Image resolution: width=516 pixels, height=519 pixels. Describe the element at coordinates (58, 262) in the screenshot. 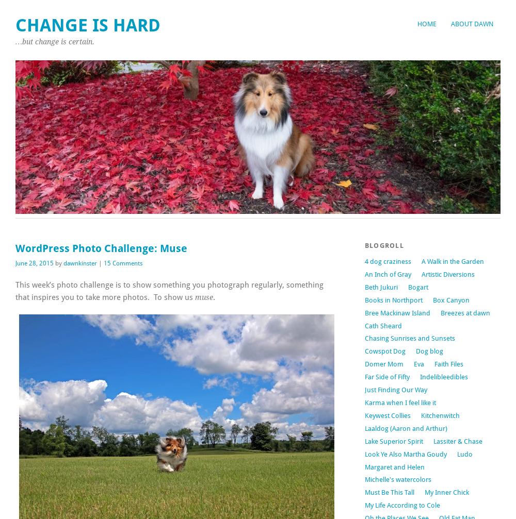

I see `'by'` at that location.